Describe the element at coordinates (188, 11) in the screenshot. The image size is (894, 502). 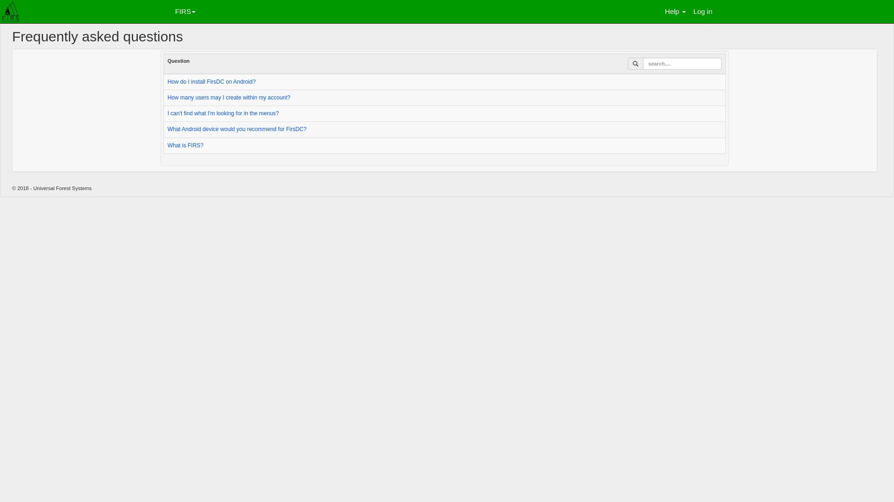
I see `'FIRS'` at that location.